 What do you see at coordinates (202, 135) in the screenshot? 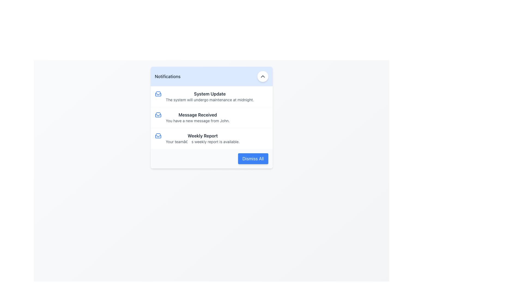
I see `the text label displaying 'Weekly Report', which is styled in bold and dark gray, positioned centrally at the top of the notification box in the third notification item` at bounding box center [202, 135].